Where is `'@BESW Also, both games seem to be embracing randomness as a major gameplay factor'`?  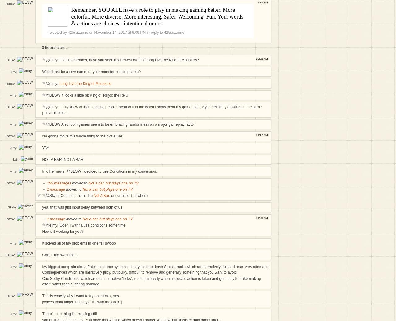 '@BESW Also, both games seem to be embracing randomness as a major gameplay factor' is located at coordinates (120, 124).